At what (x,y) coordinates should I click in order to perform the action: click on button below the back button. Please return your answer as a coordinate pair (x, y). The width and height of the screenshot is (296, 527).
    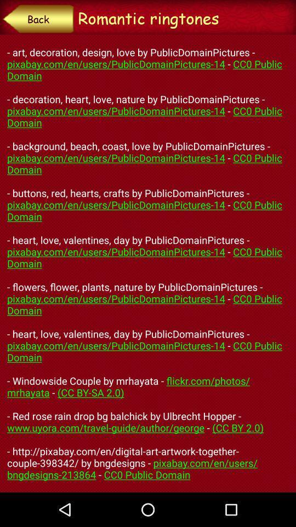
    Looking at the image, I should click on (148, 263).